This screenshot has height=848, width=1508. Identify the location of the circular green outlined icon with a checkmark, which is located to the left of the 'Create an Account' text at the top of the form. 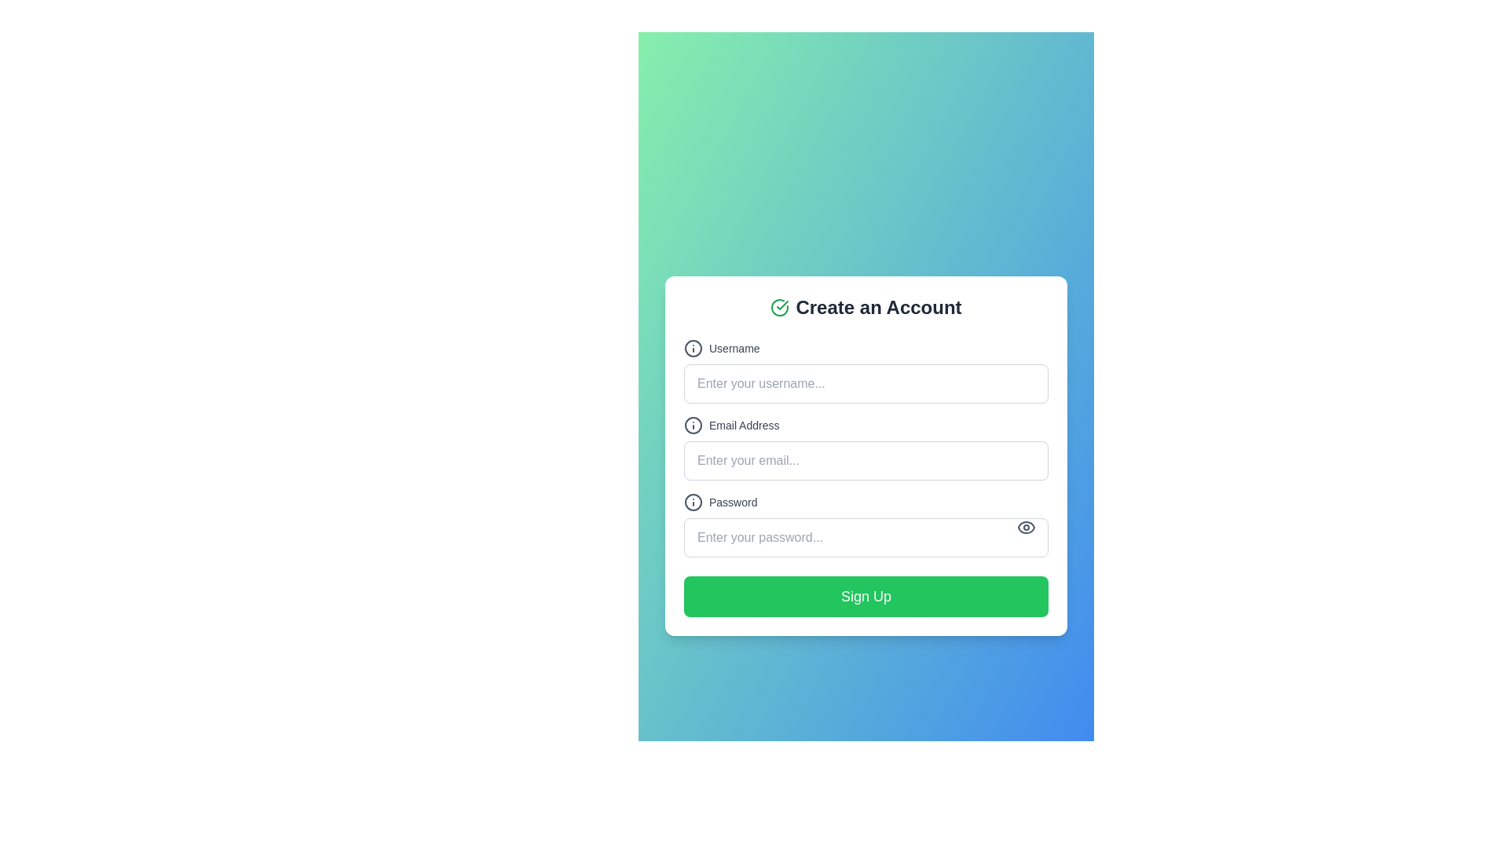
(780, 308).